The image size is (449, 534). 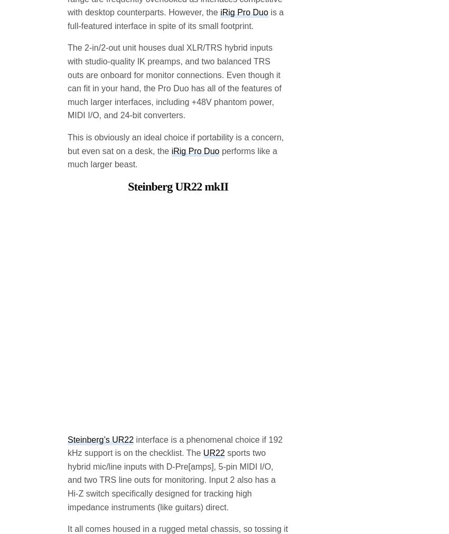 What do you see at coordinates (172, 72) in the screenshot?
I see `'performs like a much larger beast.'` at bounding box center [172, 72].